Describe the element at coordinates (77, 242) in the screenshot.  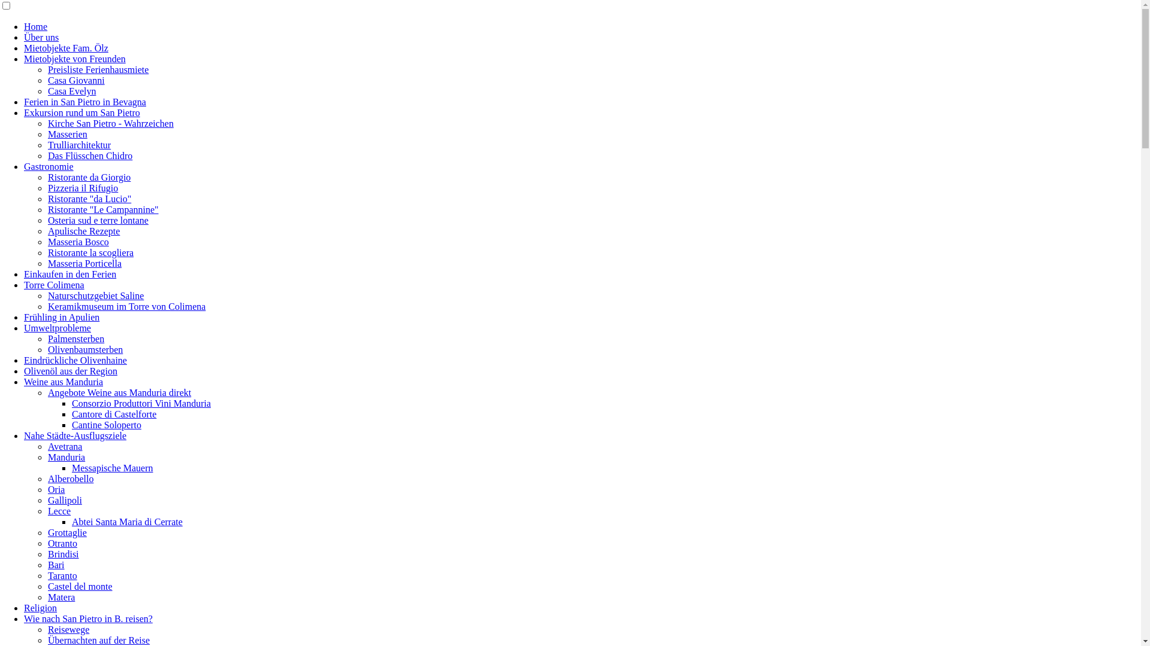
I see `'Masseria Bosco'` at that location.